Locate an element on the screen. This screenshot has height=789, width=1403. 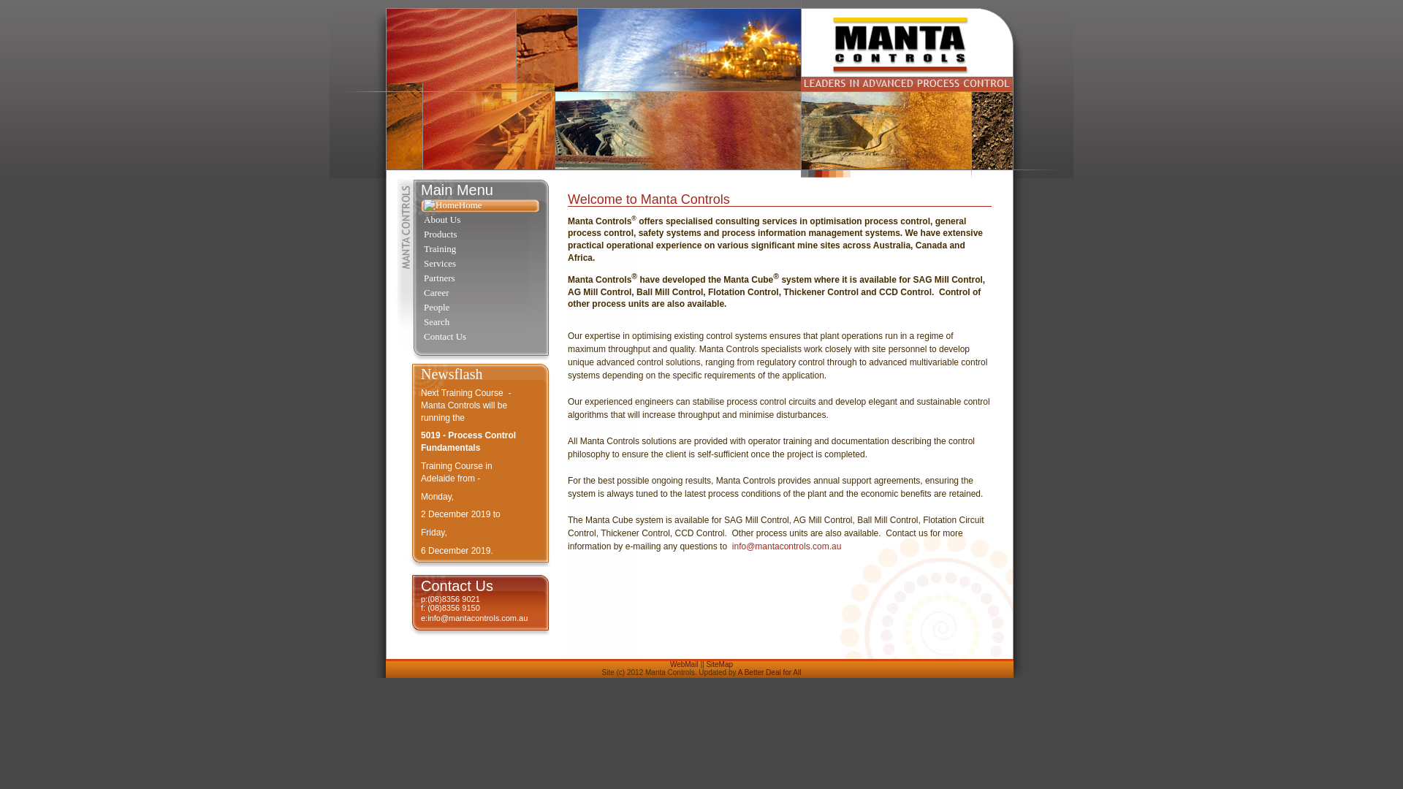
'About Us' is located at coordinates (420, 220).